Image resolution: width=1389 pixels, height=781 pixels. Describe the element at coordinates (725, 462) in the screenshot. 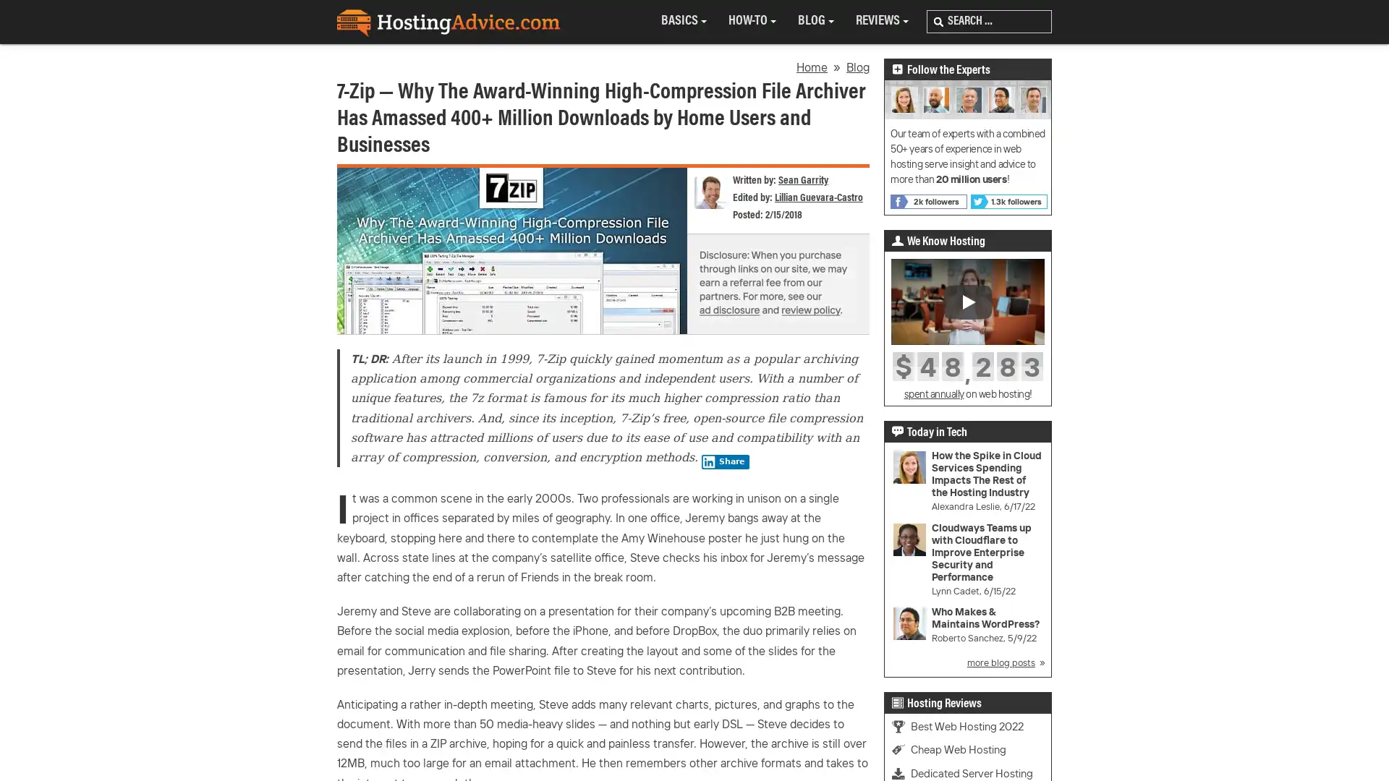

I see `Share` at that location.